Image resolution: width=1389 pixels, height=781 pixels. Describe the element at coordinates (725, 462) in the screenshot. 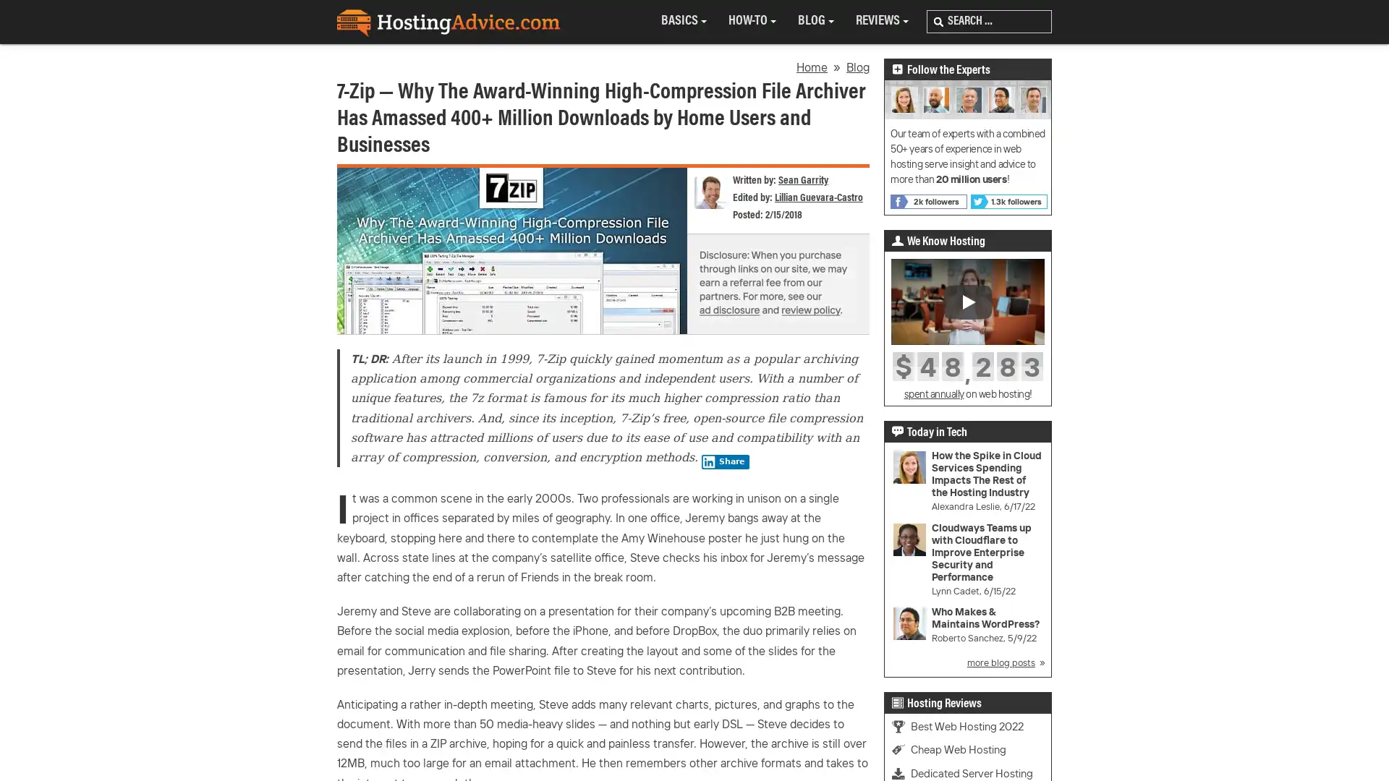

I see `Share` at that location.